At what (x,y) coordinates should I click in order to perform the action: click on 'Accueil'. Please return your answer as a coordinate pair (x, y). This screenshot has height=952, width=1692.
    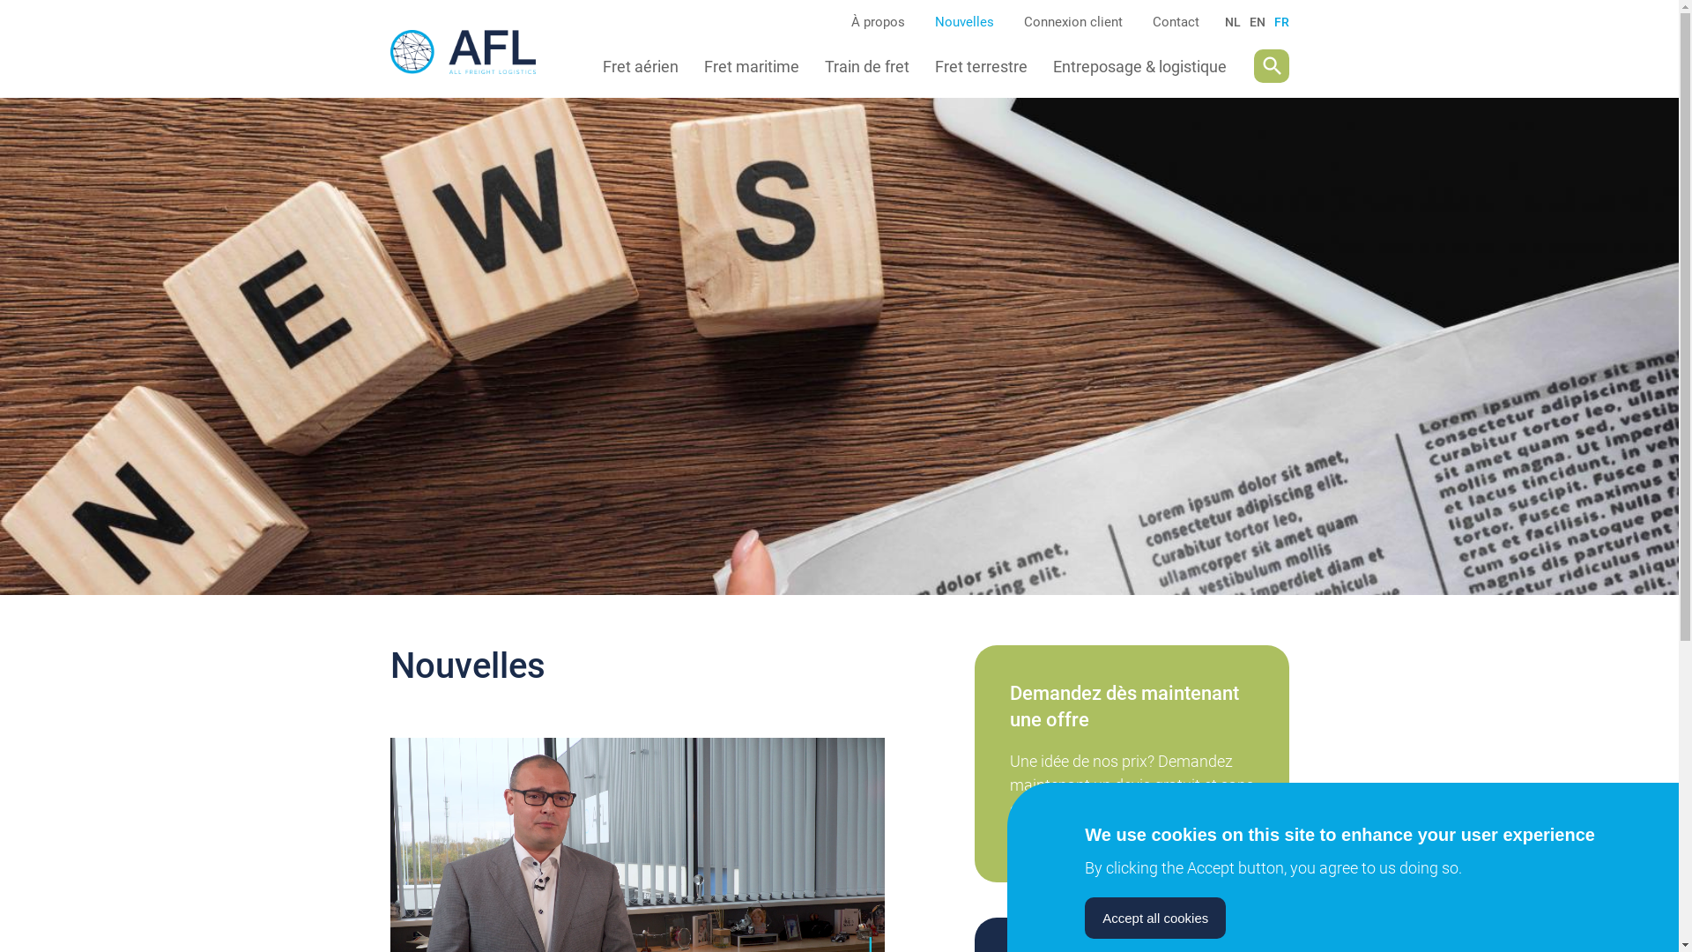
    Looking at the image, I should click on (473, 64).